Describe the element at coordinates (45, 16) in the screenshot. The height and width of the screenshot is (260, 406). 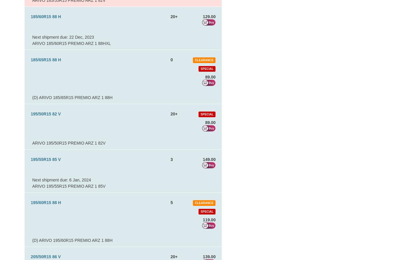
I see `'185/60R15 88 H'` at that location.